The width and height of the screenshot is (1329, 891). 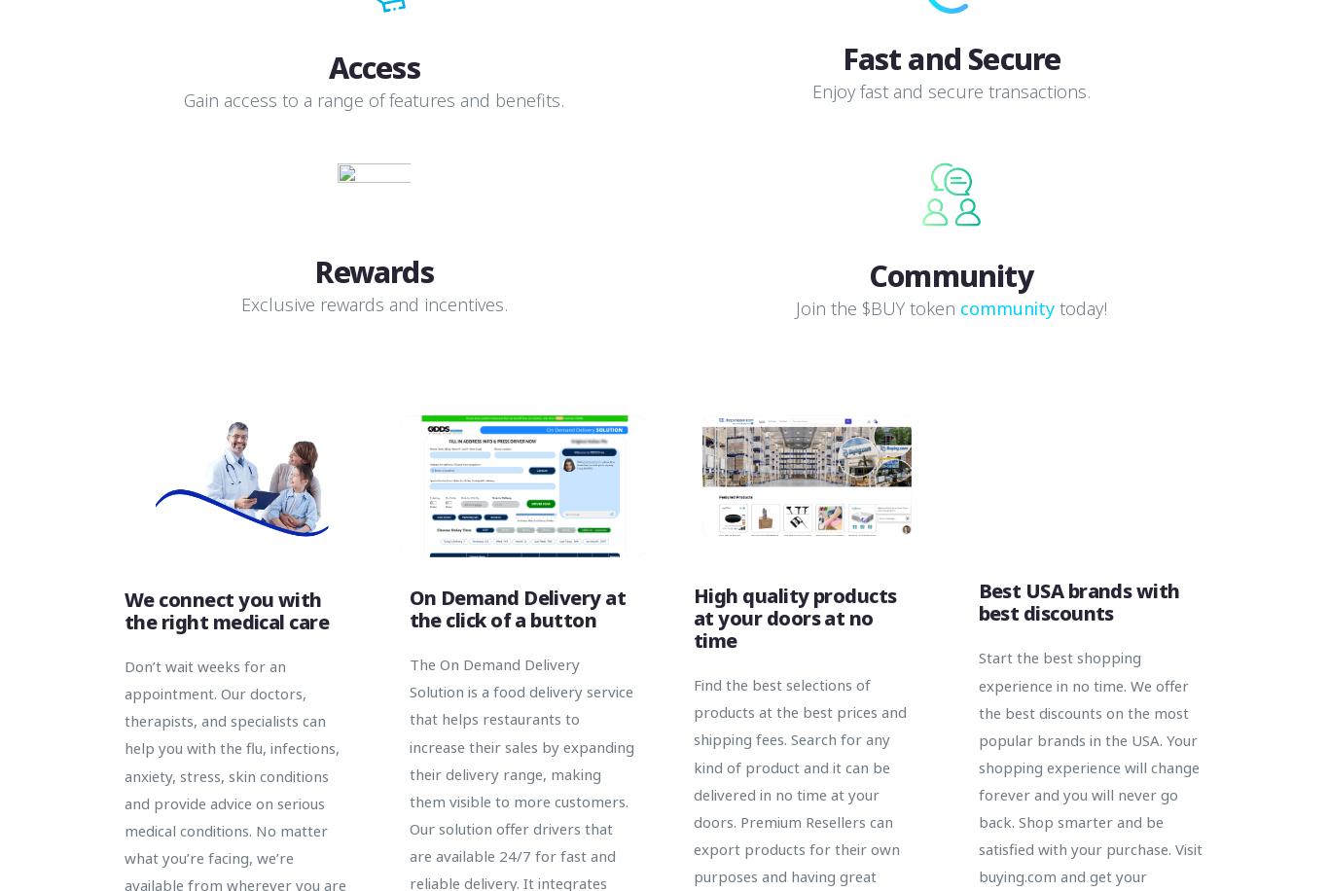 What do you see at coordinates (1005, 307) in the screenshot?
I see `'community'` at bounding box center [1005, 307].